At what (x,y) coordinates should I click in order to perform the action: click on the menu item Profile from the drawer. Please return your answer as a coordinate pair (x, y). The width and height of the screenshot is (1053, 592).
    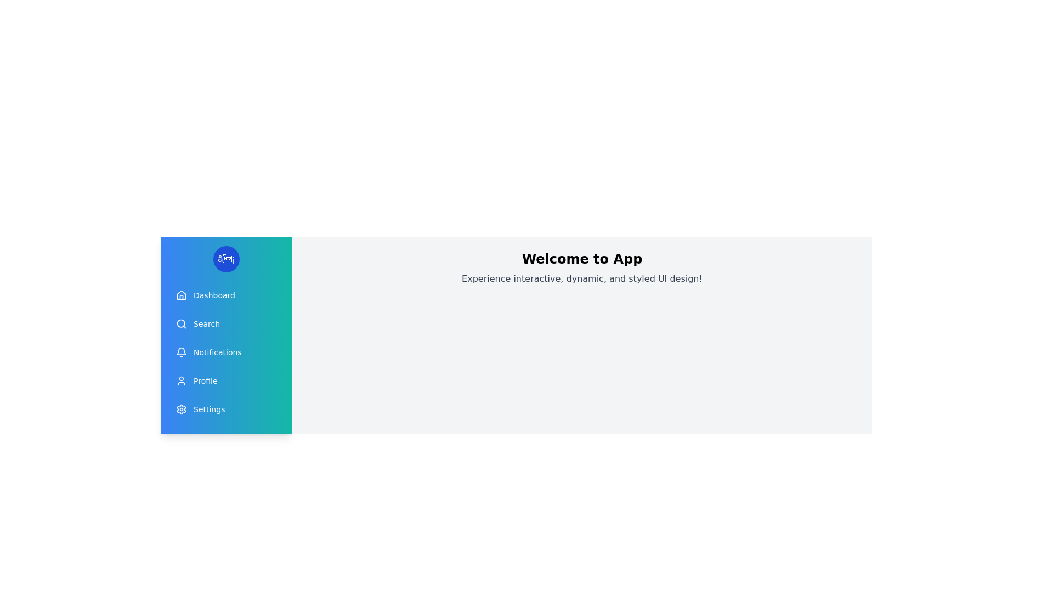
    Looking at the image, I should click on (225, 380).